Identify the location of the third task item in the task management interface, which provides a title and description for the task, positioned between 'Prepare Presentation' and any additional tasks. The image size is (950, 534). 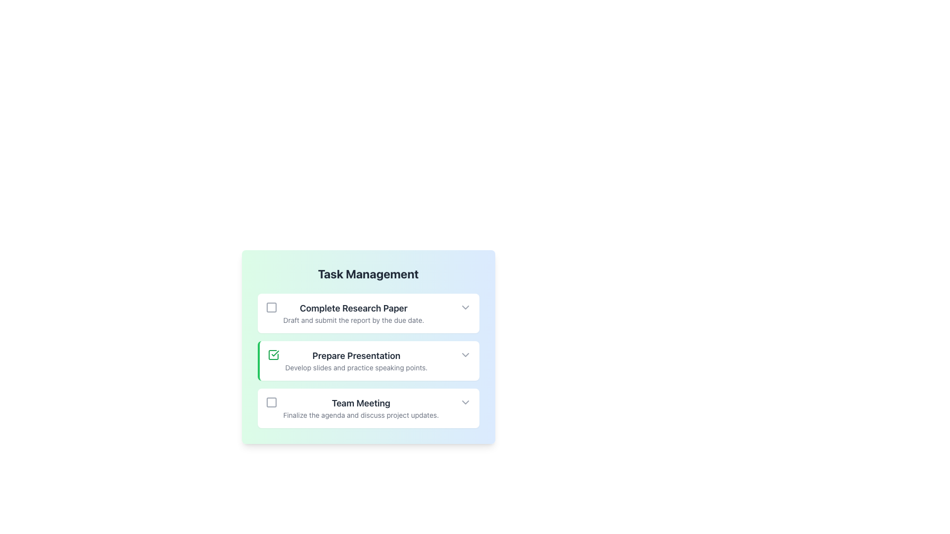
(360, 408).